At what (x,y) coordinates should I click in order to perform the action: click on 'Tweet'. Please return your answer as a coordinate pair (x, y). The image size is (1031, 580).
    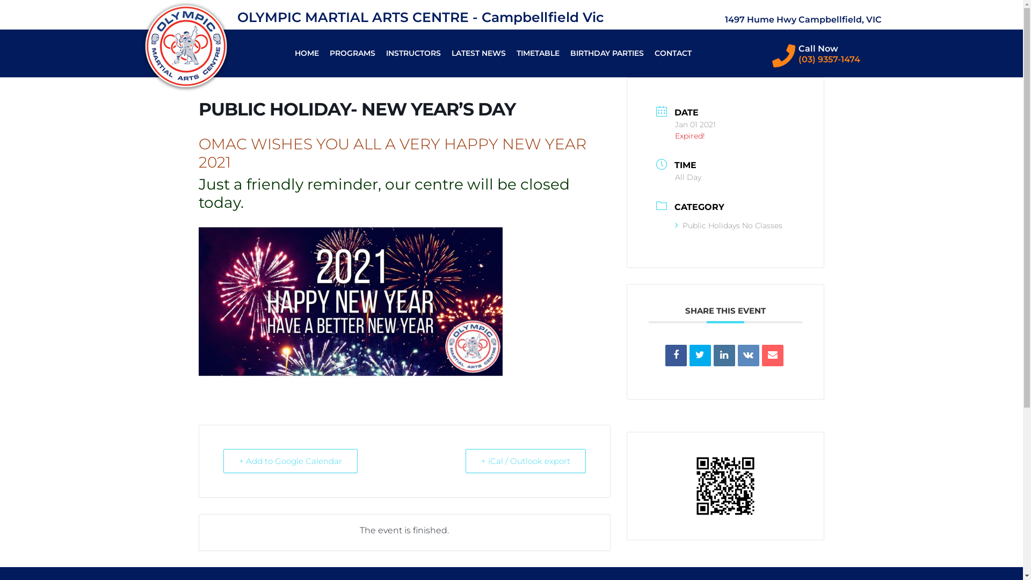
    Looking at the image, I should click on (700, 356).